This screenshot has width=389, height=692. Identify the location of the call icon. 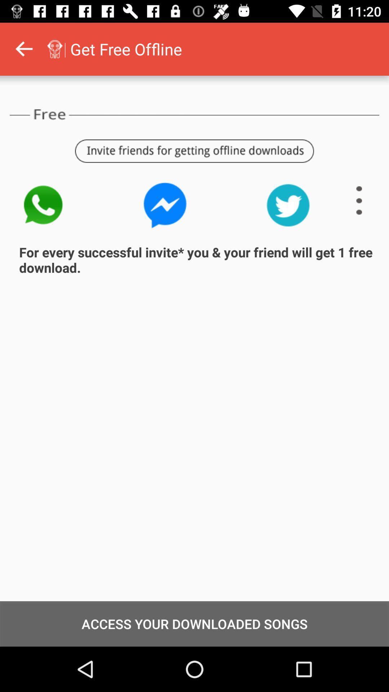
(43, 205).